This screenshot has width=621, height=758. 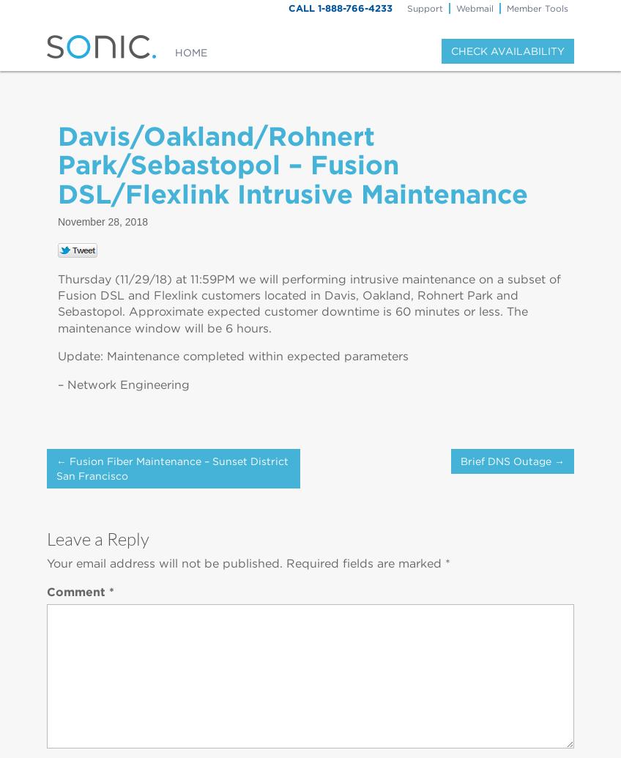 I want to click on 'Check Availability', so click(x=507, y=51).